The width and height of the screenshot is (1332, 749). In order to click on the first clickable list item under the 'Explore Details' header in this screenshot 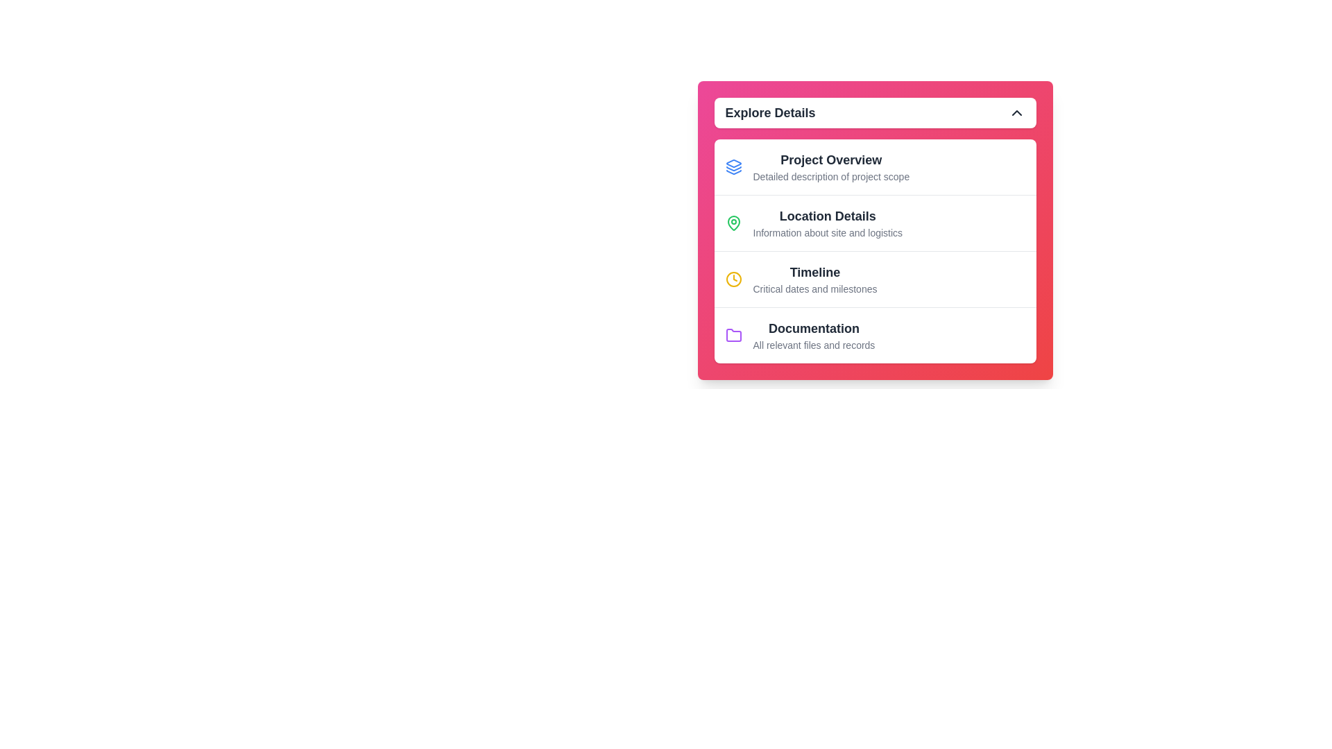, I will do `click(831, 166)`.